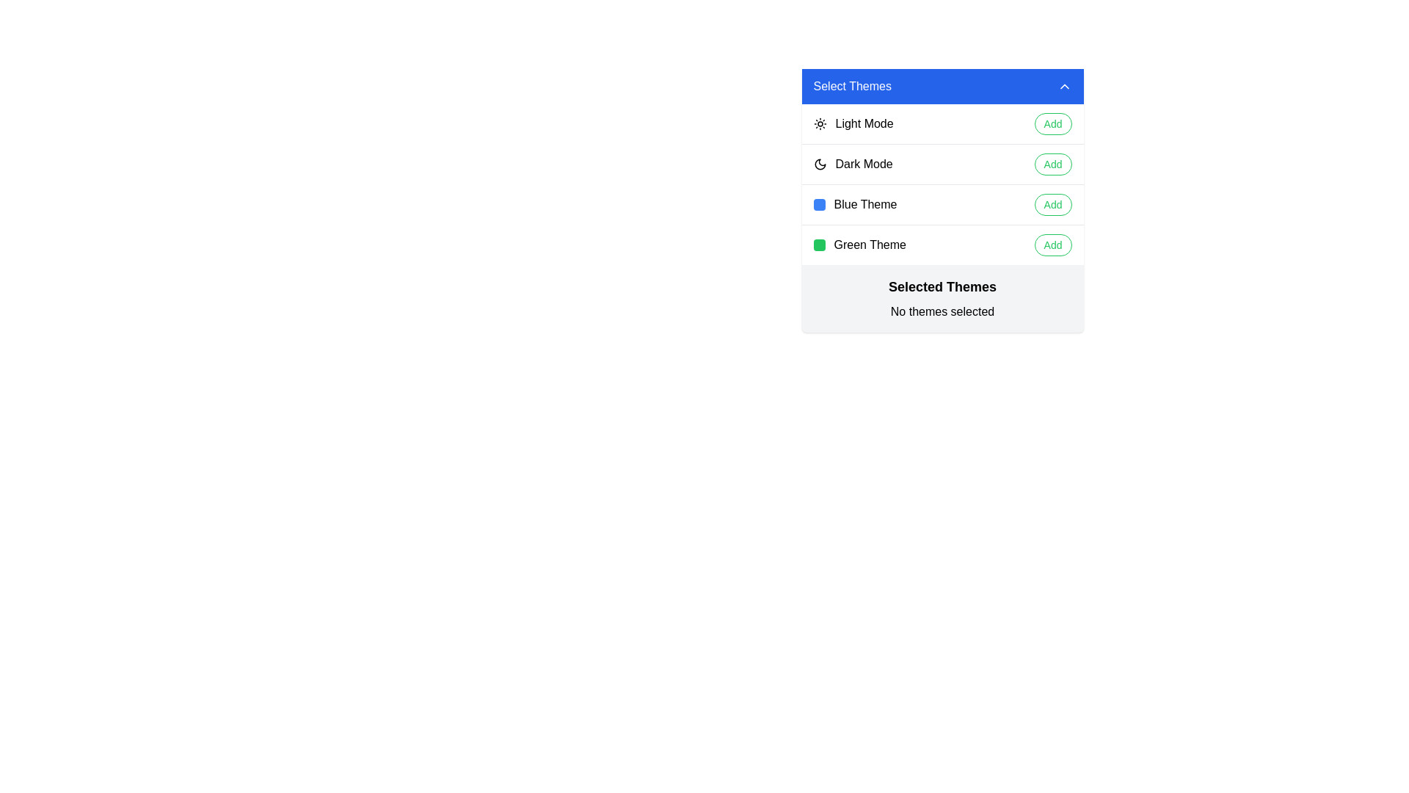  I want to click on the 'Light Mode' text label which is the first option in the 'Select Themes' section, located beneath the section title bar and next to a sun icon, so click(864, 123).